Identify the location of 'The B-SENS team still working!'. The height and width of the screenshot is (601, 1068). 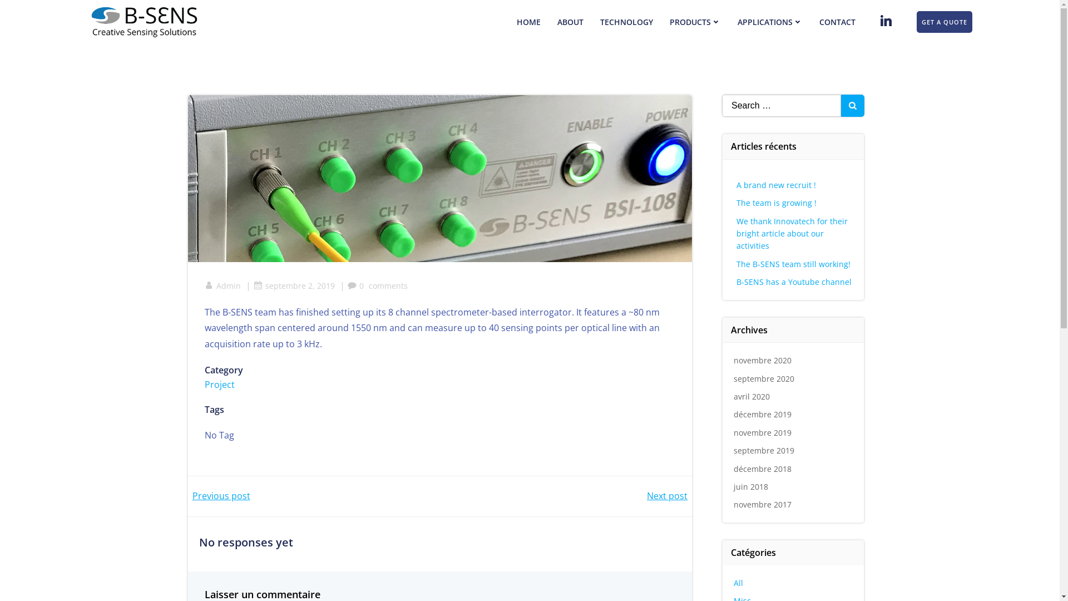
(736, 264).